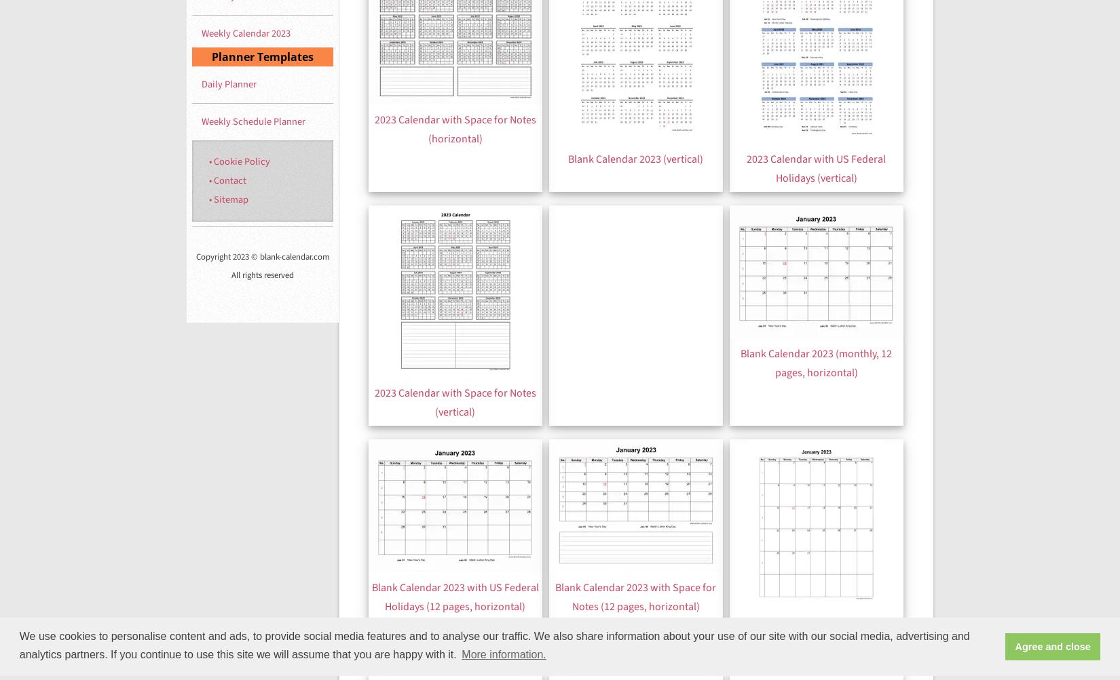 This screenshot has width=1120, height=680. Describe the element at coordinates (262, 275) in the screenshot. I see `'All rights reserved'` at that location.